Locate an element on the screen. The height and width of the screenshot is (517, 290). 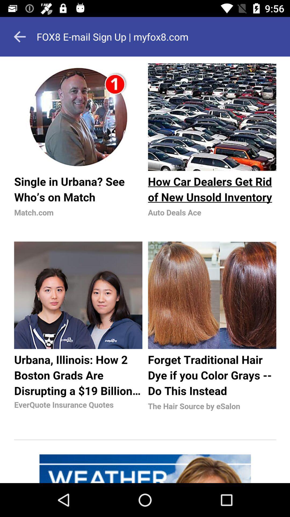
go back is located at coordinates (19, 36).